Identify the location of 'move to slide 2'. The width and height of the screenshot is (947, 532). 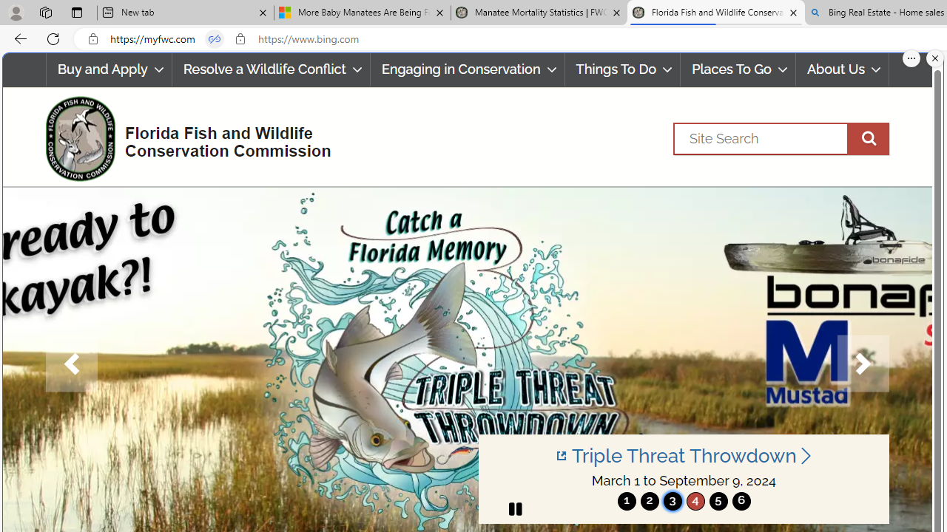
(650, 500).